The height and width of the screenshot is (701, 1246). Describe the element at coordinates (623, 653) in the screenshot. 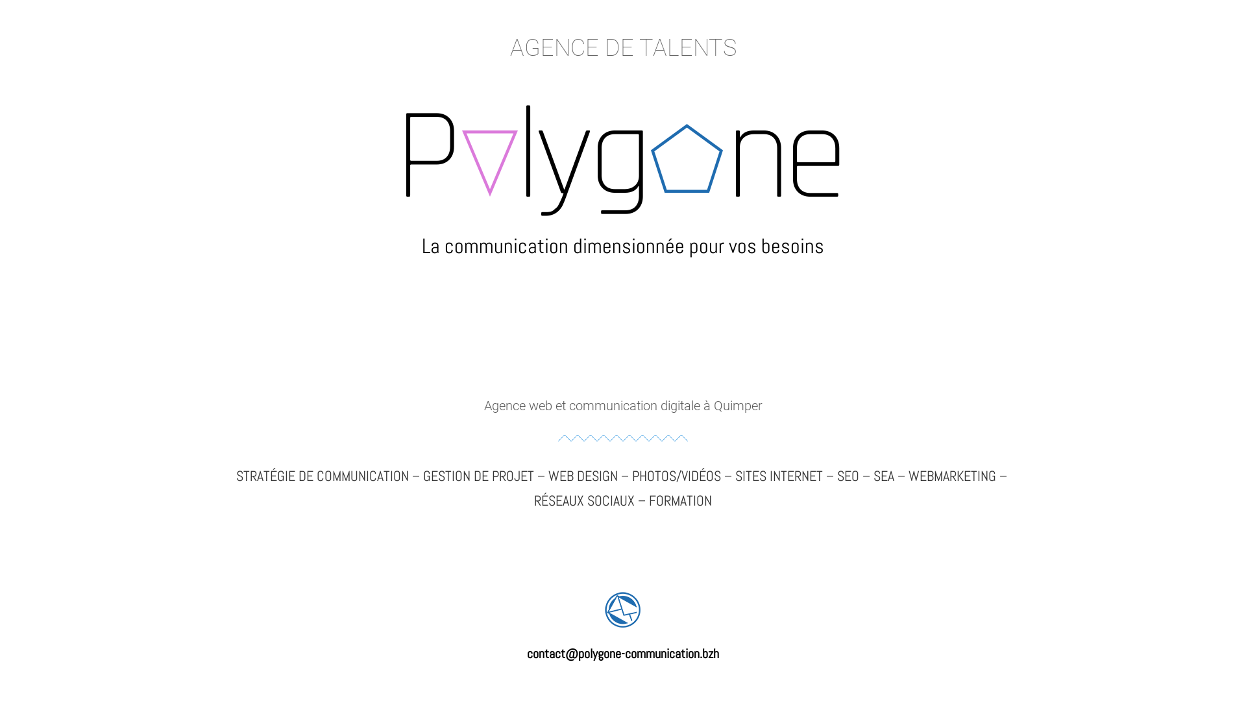

I see `'contact@polygone-communication.bzh'` at that location.